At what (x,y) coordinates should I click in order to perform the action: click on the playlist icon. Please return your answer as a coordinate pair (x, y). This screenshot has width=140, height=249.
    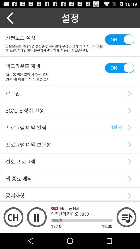
    Looking at the image, I should click on (126, 232).